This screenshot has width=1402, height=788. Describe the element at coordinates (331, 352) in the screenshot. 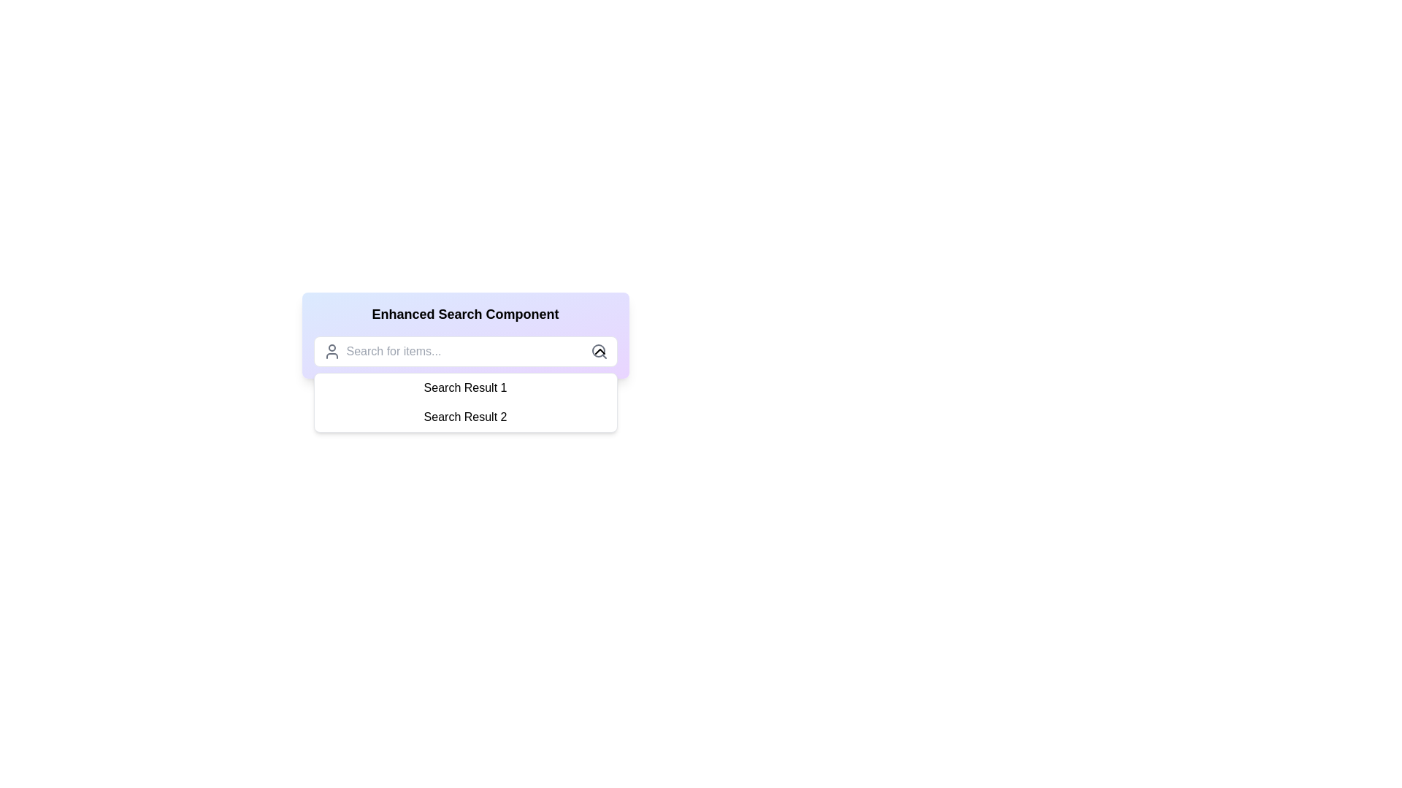

I see `the user icon located at the left of the search bar, before the text input field with the placeholder 'Search for items...'` at that location.